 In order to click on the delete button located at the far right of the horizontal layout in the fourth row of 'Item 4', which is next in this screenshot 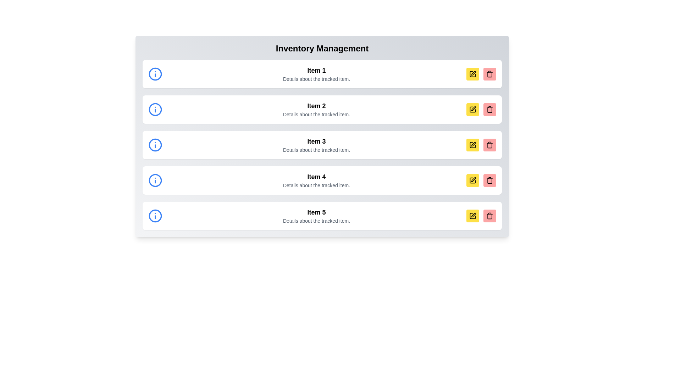, I will do `click(489, 180)`.